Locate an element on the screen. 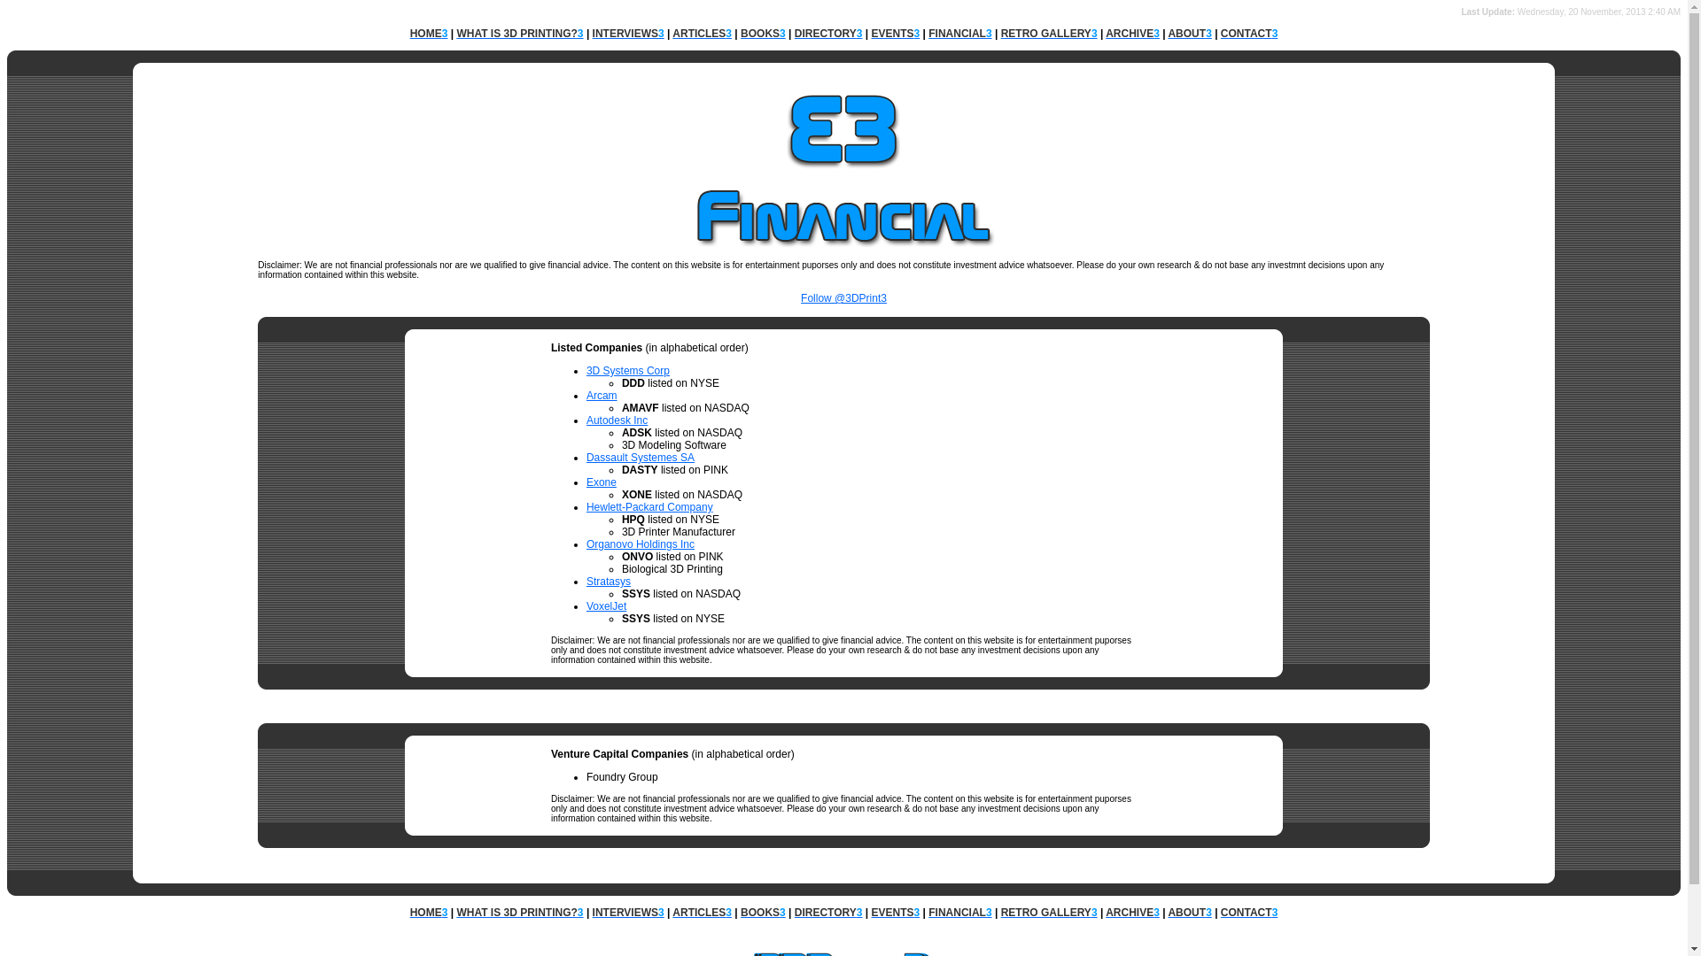  'WHAT IS 3D PRINTING?3' is located at coordinates (518, 34).